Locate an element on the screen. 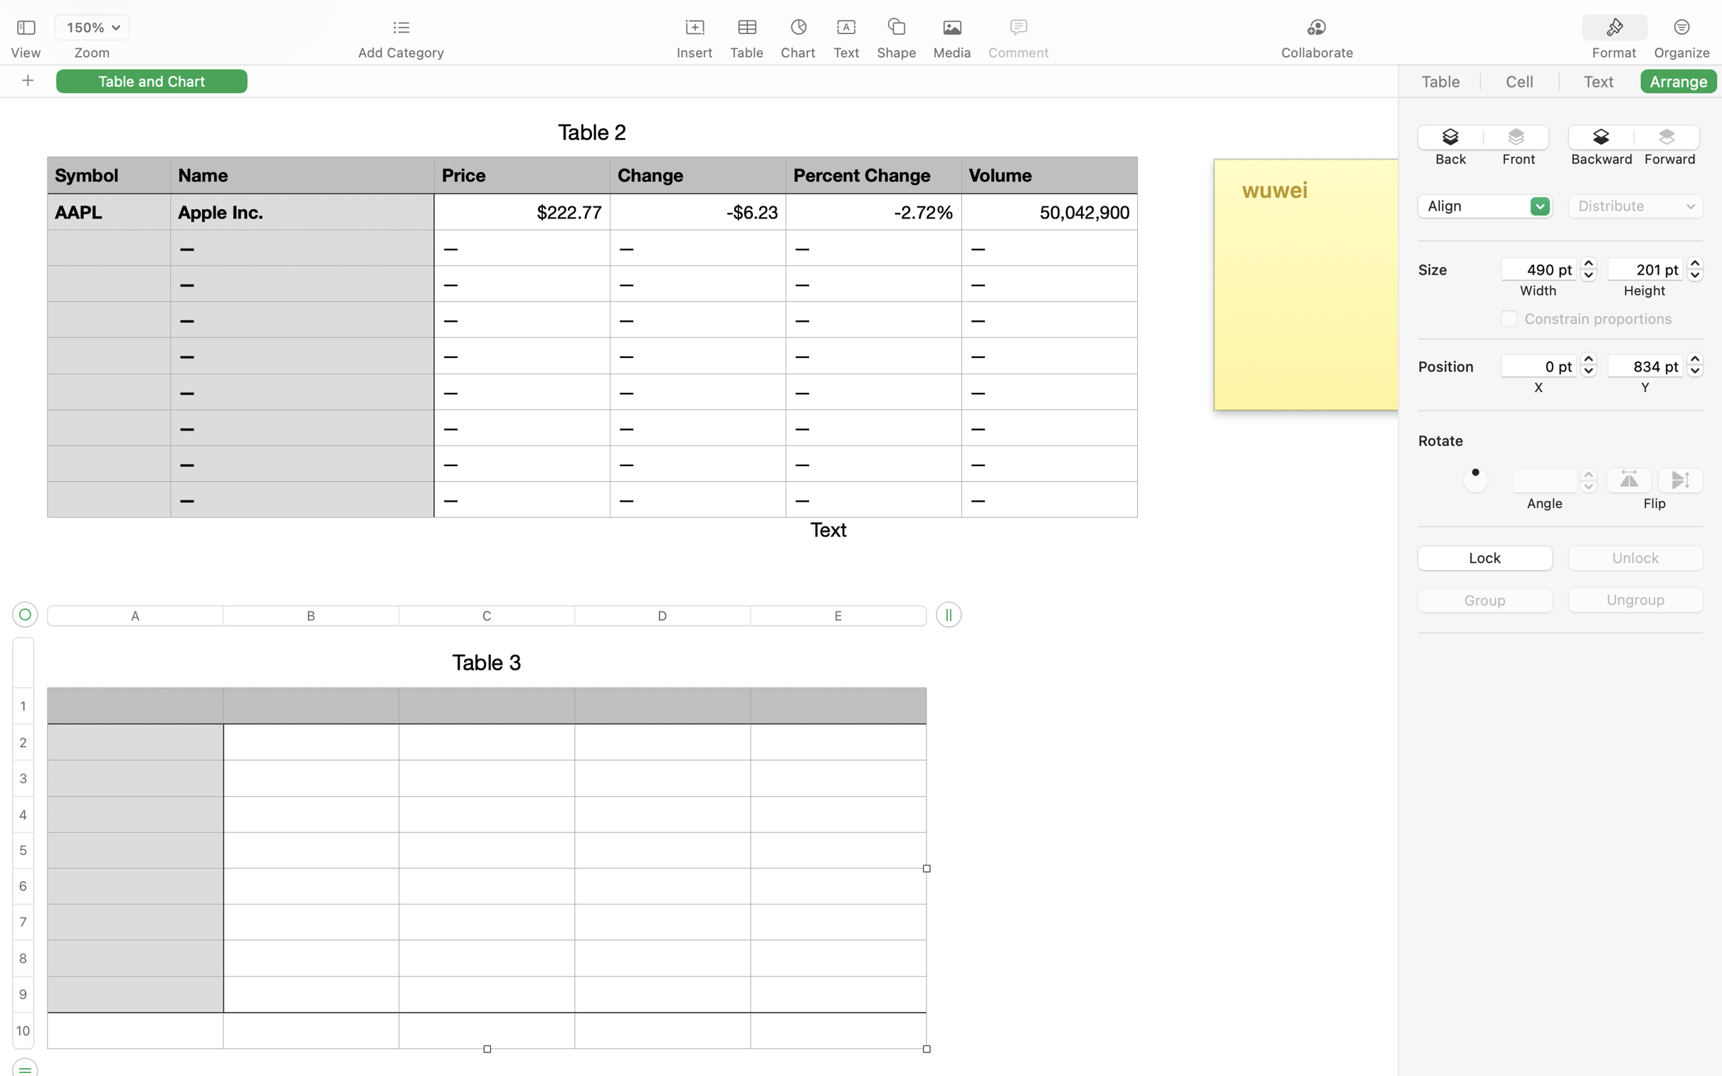 This screenshot has width=1722, height=1076. '834 pt' is located at coordinates (1645, 365).